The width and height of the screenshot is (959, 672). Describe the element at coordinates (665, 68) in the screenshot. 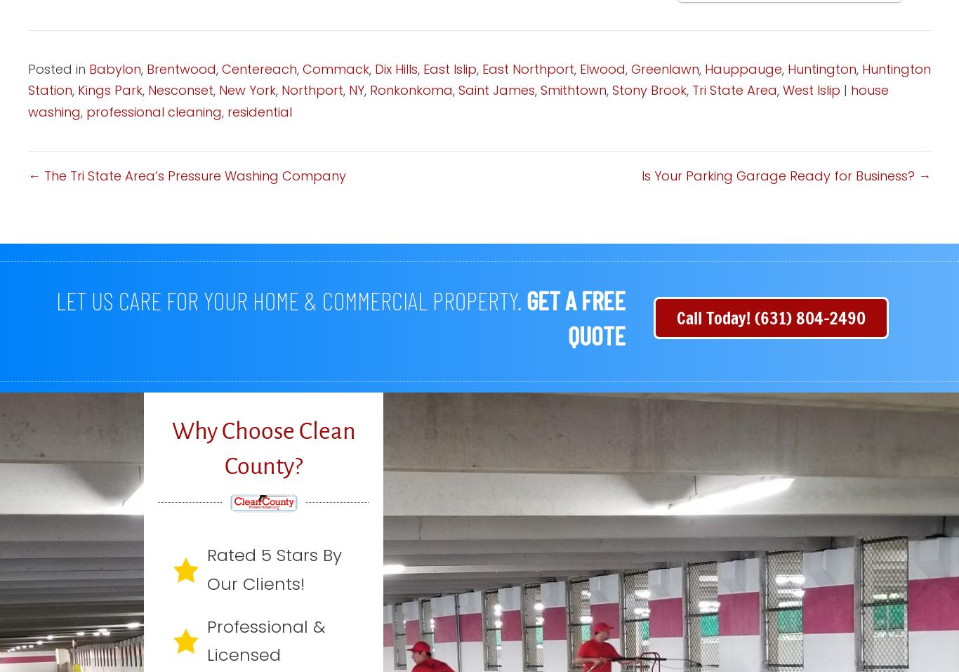

I see `'Greenlawn'` at that location.